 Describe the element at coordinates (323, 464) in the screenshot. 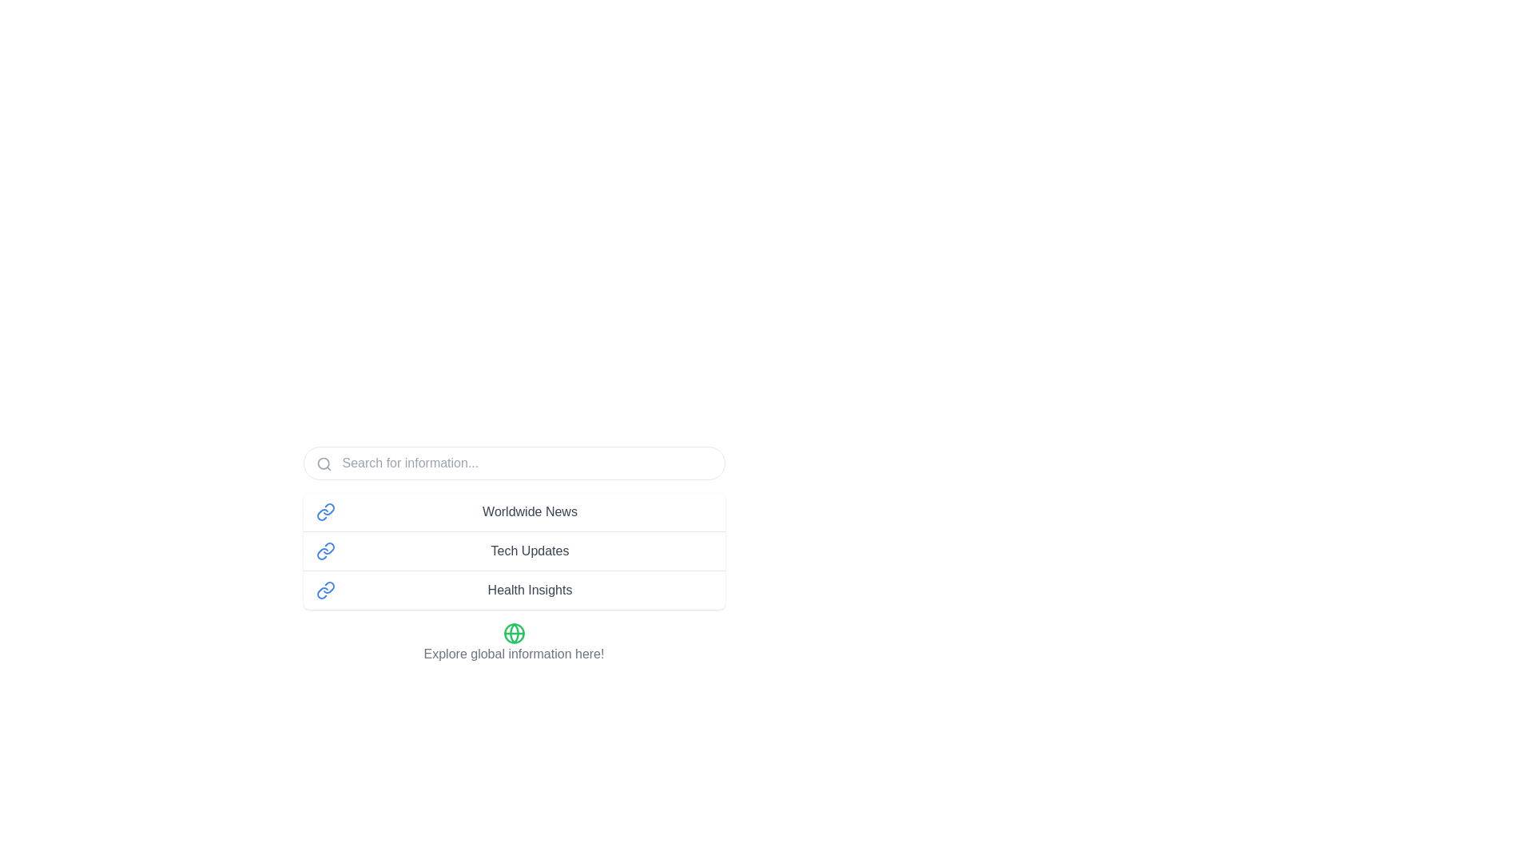

I see `the visual representation of the magnifying glass icon located at the left side of the search field, positioned before the placeholder text 'Search for information...'` at that location.